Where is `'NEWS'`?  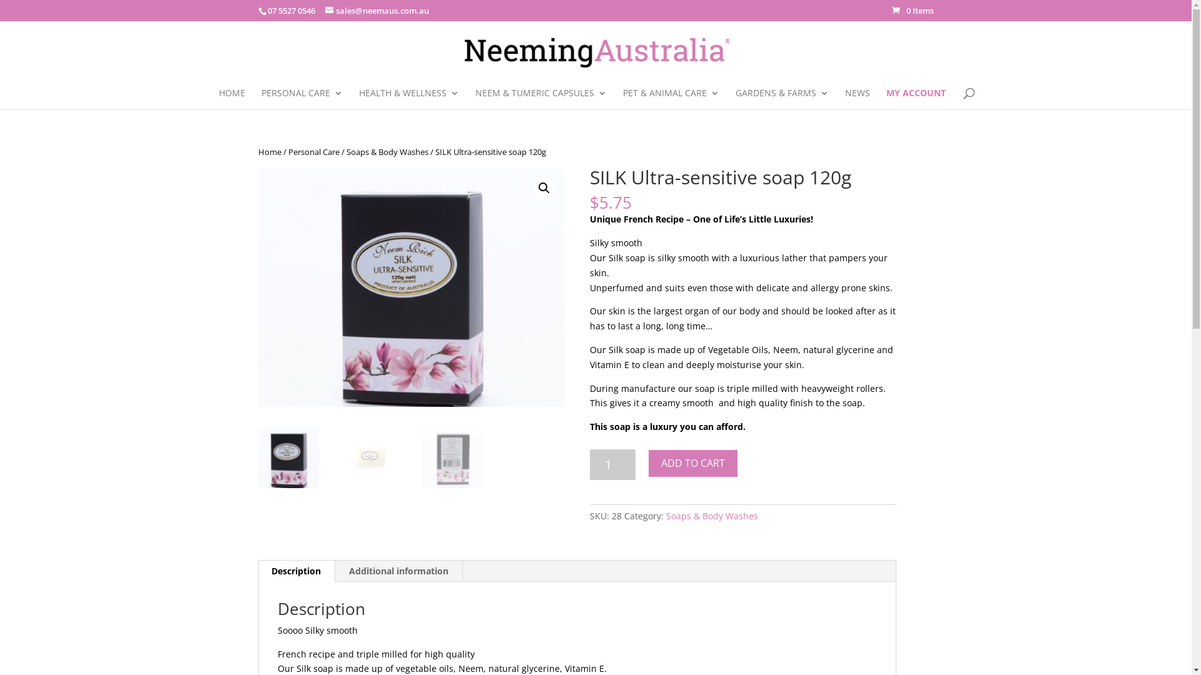
'NEWS' is located at coordinates (856, 98).